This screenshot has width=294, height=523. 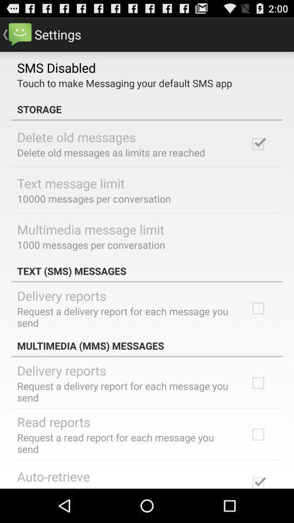 What do you see at coordinates (53, 476) in the screenshot?
I see `item below request a read` at bounding box center [53, 476].